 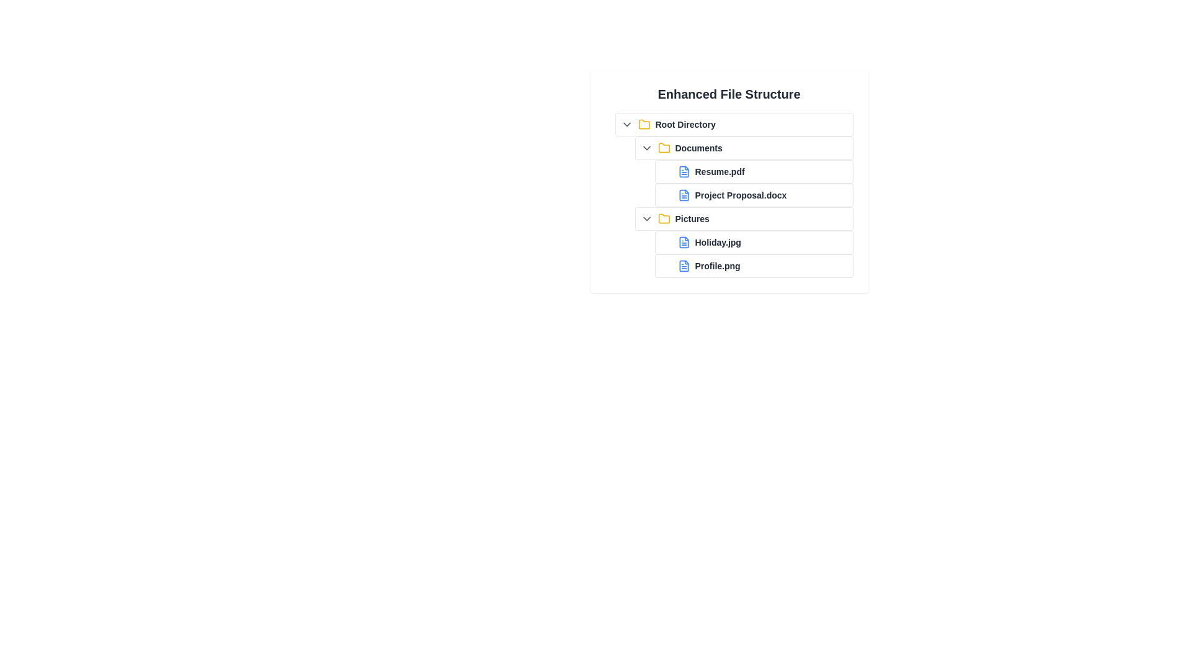 What do you see at coordinates (753, 242) in the screenshot?
I see `the file named 'Holiday.jpg' in the 'Pictures' section of the file explorer` at bounding box center [753, 242].